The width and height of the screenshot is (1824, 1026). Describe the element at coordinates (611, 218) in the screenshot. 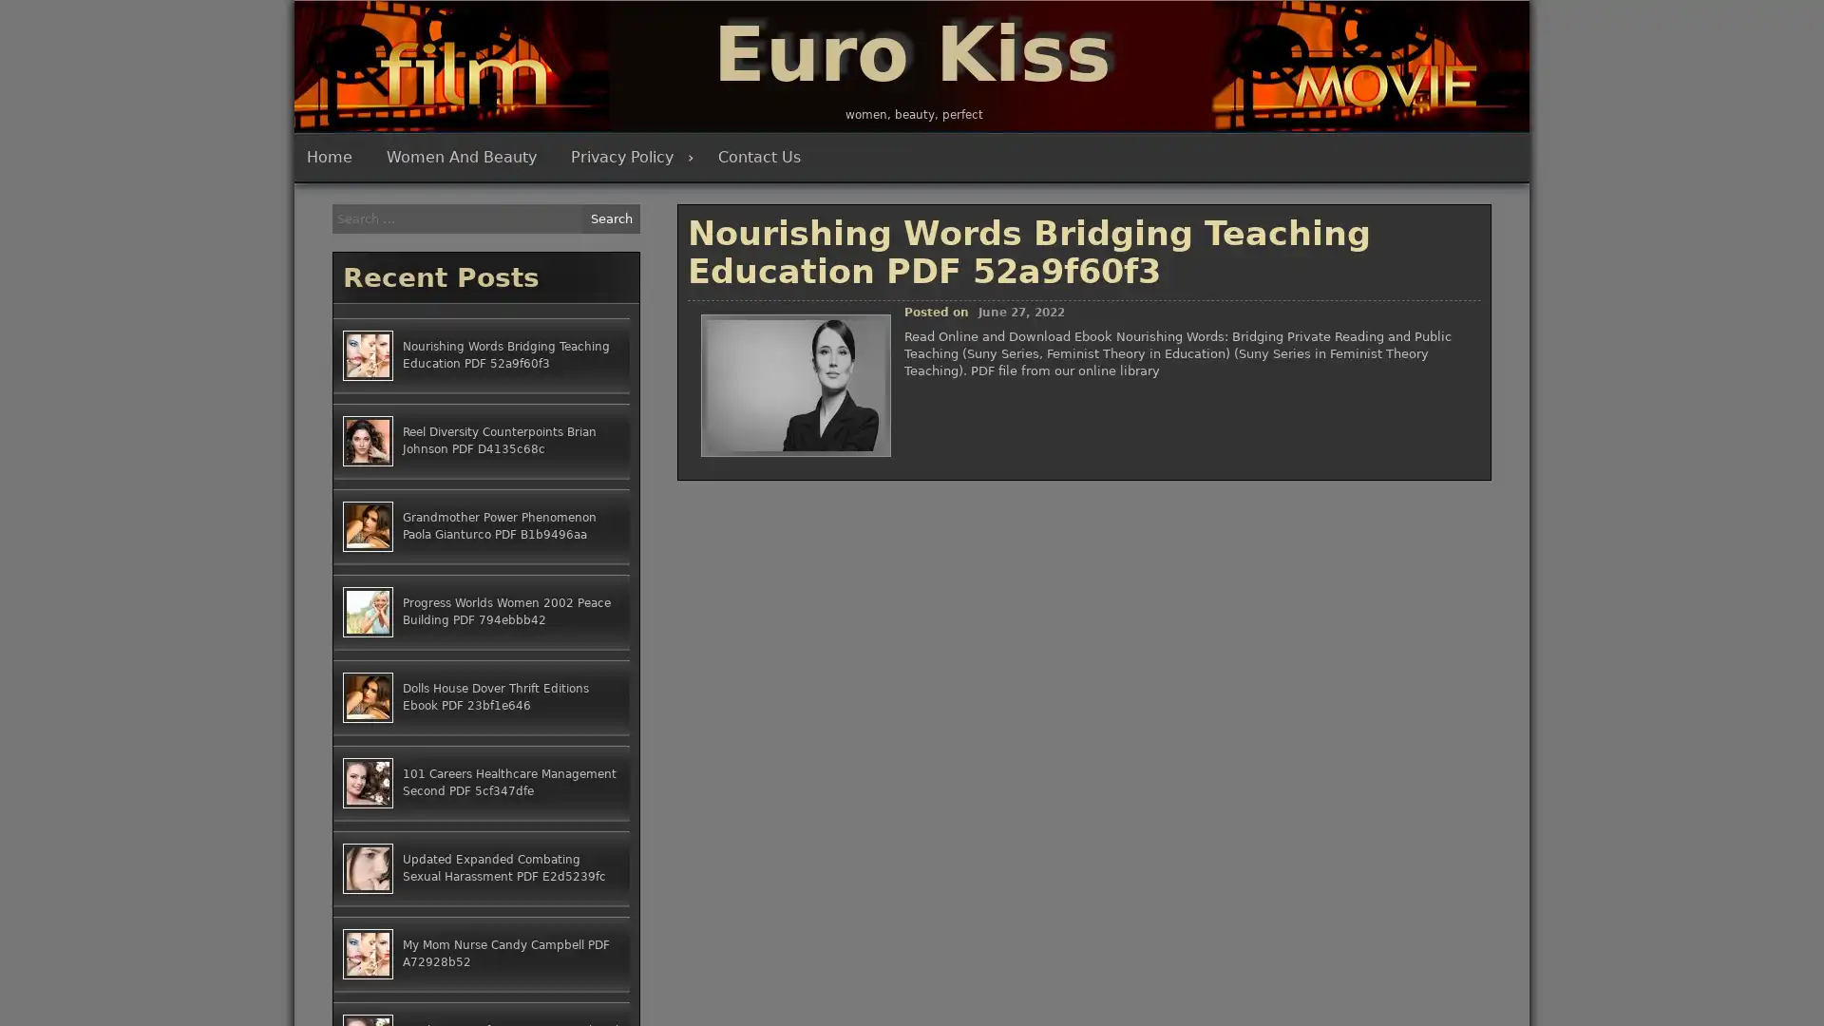

I see `Search` at that location.